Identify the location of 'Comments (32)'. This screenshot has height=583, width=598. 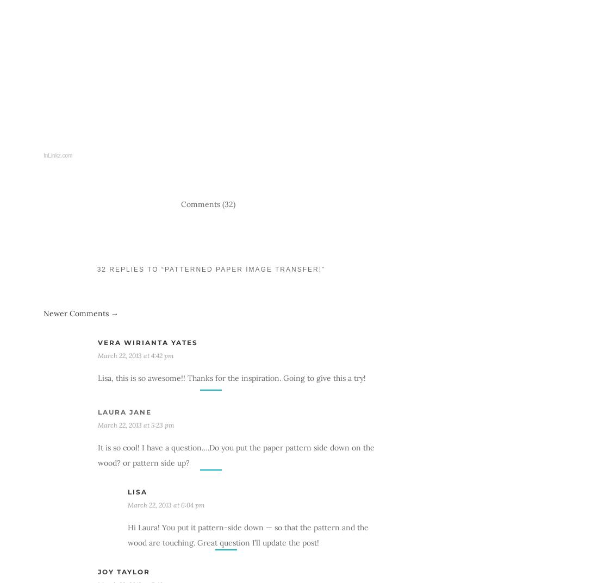
(208, 203).